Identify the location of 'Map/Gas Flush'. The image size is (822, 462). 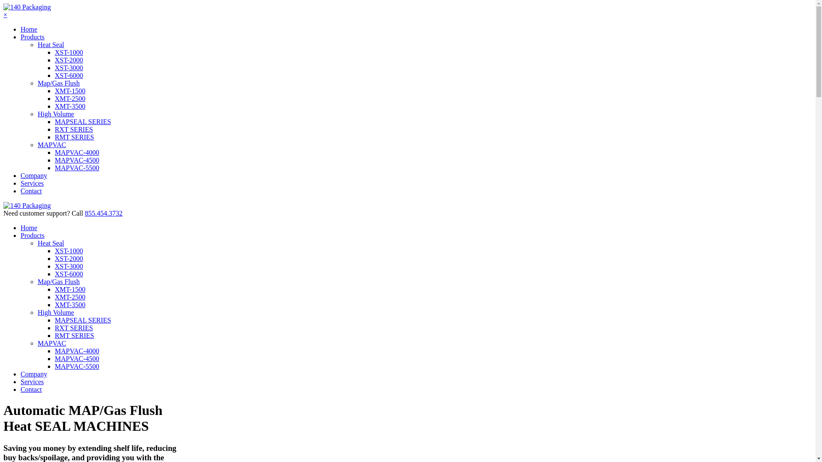
(37, 83).